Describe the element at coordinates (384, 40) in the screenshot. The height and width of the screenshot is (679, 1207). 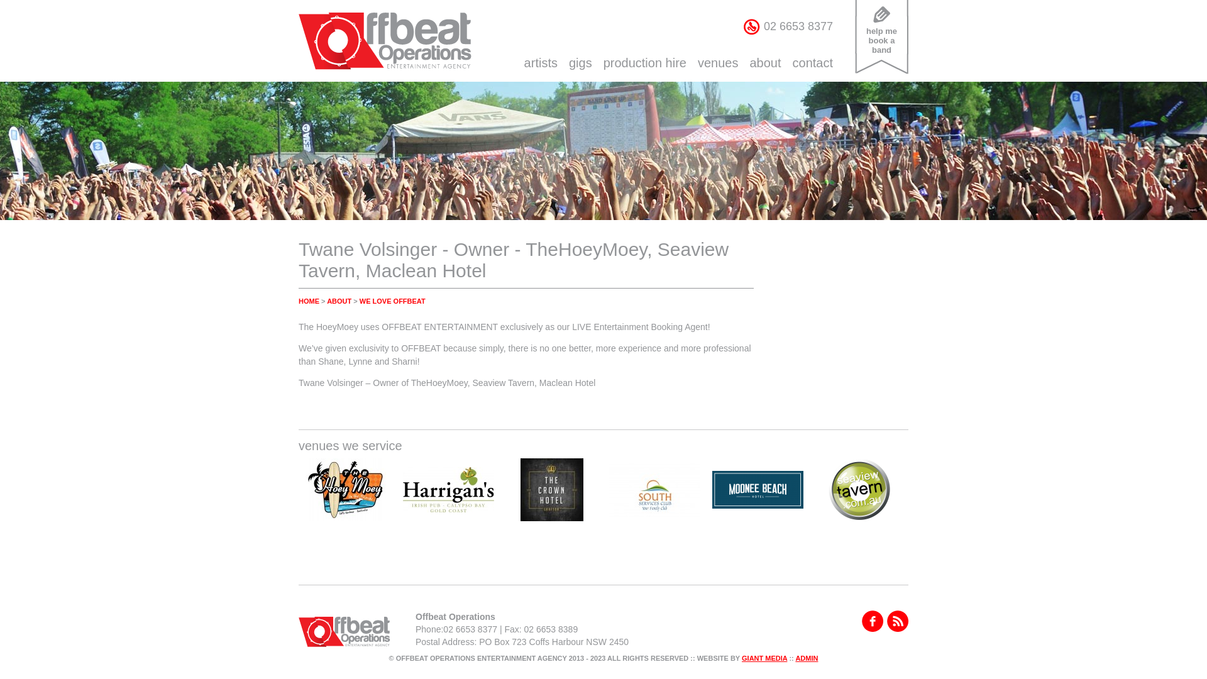
I see `'Offbeat Operations Entertainment Agency'` at that location.